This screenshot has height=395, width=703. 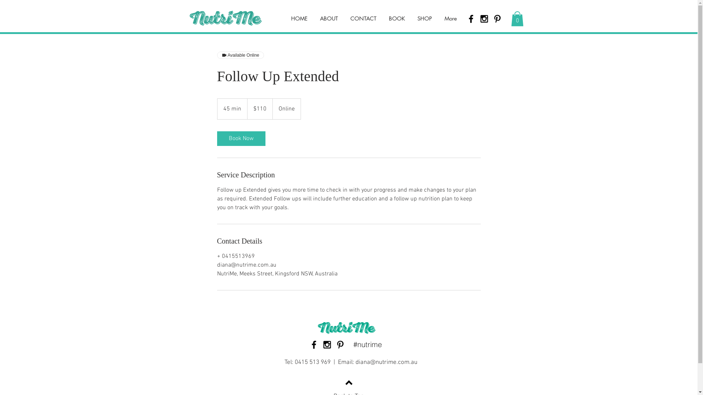 What do you see at coordinates (396, 18) in the screenshot?
I see `'BOOK'` at bounding box center [396, 18].